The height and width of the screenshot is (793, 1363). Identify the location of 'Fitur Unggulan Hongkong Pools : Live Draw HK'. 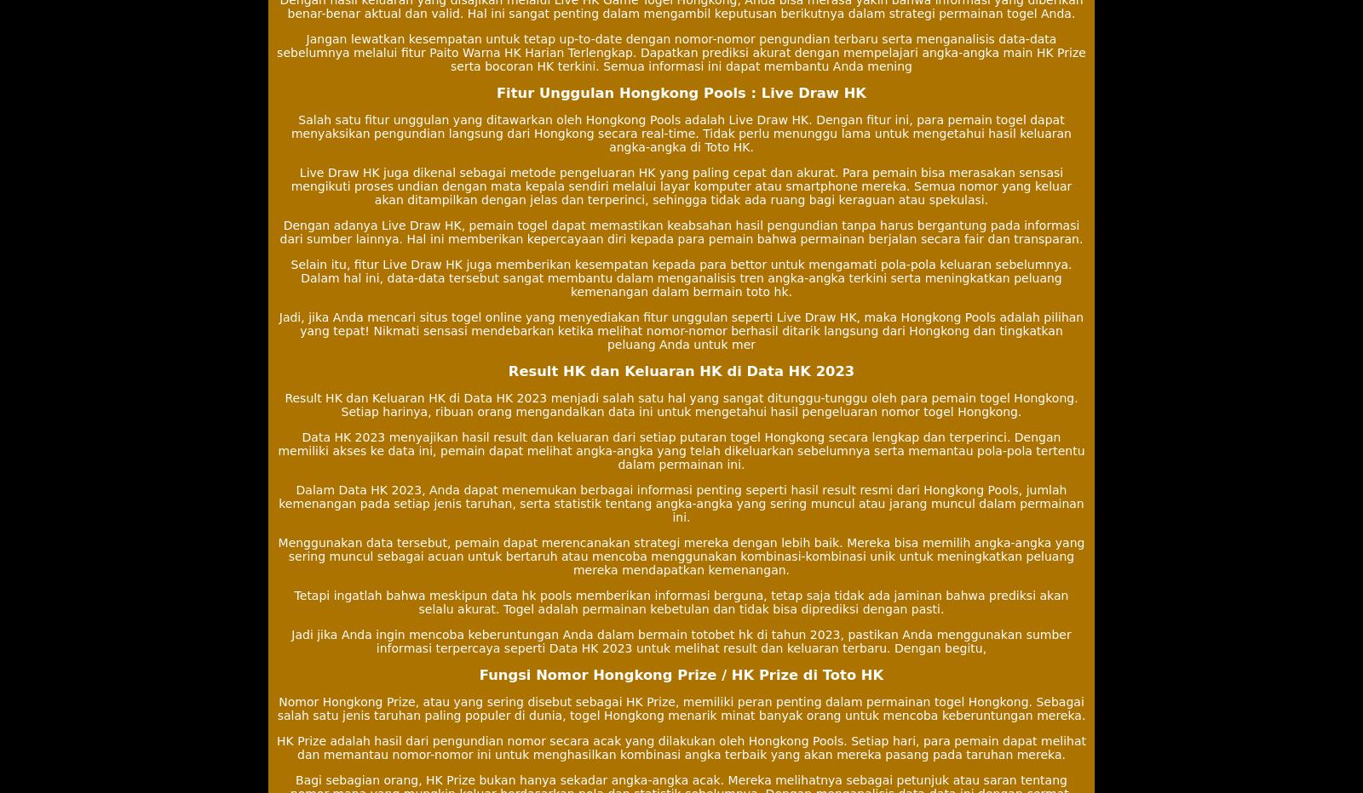
(681, 93).